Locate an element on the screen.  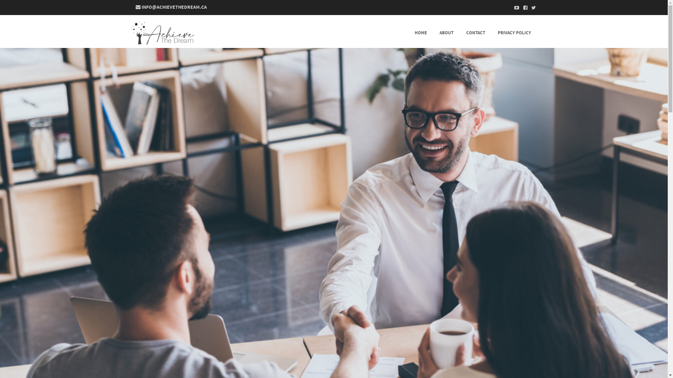
'Achieve The Dream' is located at coordinates (162, 33).